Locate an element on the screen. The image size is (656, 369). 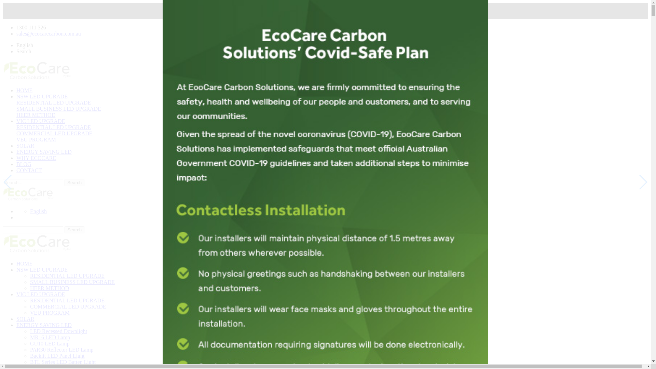
'SOLAR' is located at coordinates (25, 145).